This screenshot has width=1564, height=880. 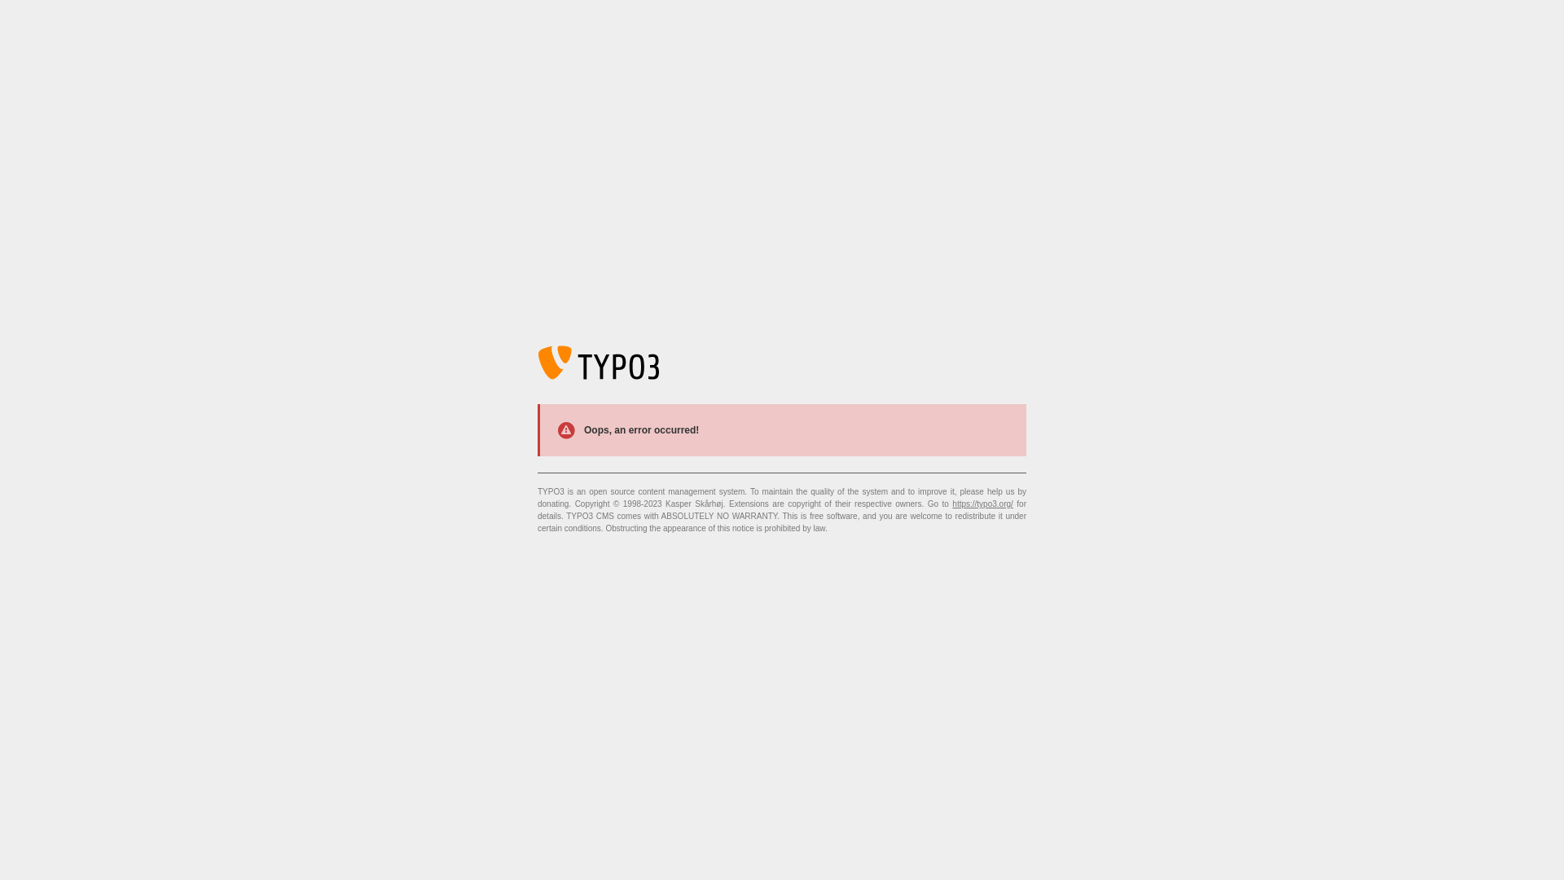 What do you see at coordinates (952, 503) in the screenshot?
I see `'https://typo3.org/'` at bounding box center [952, 503].